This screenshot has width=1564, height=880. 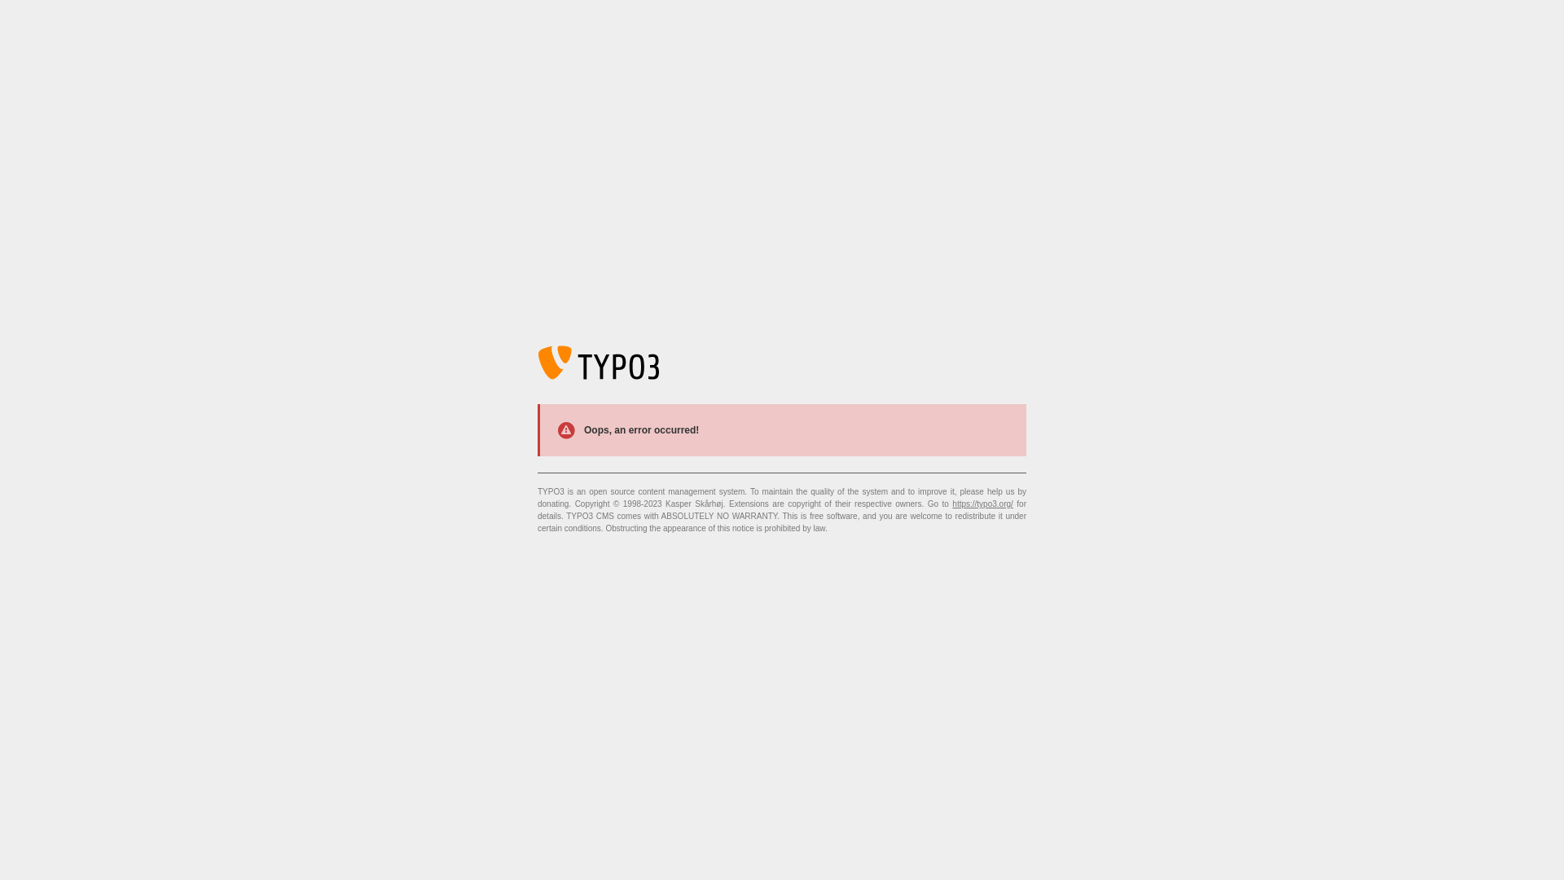 What do you see at coordinates (952, 503) in the screenshot?
I see `'https://typo3.org/'` at bounding box center [952, 503].